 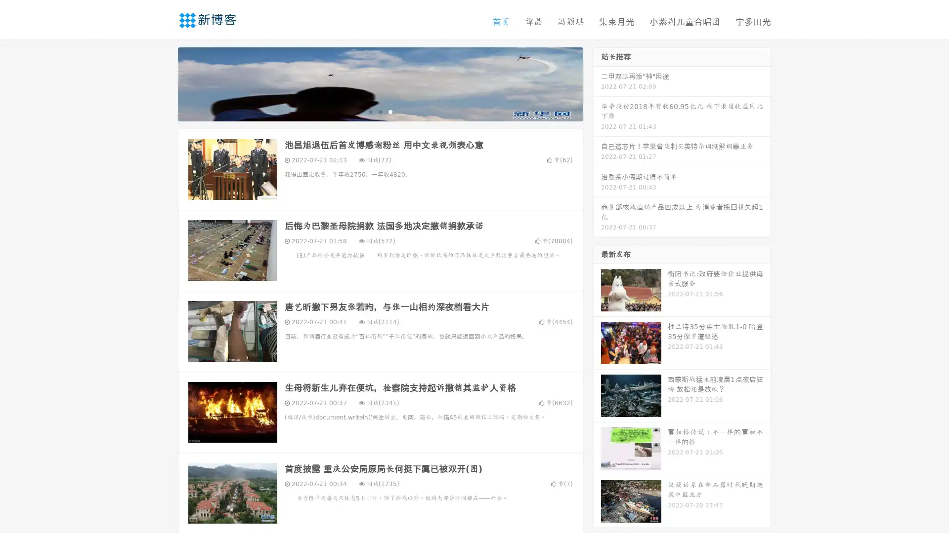 I want to click on Go to slide 1, so click(x=370, y=111).